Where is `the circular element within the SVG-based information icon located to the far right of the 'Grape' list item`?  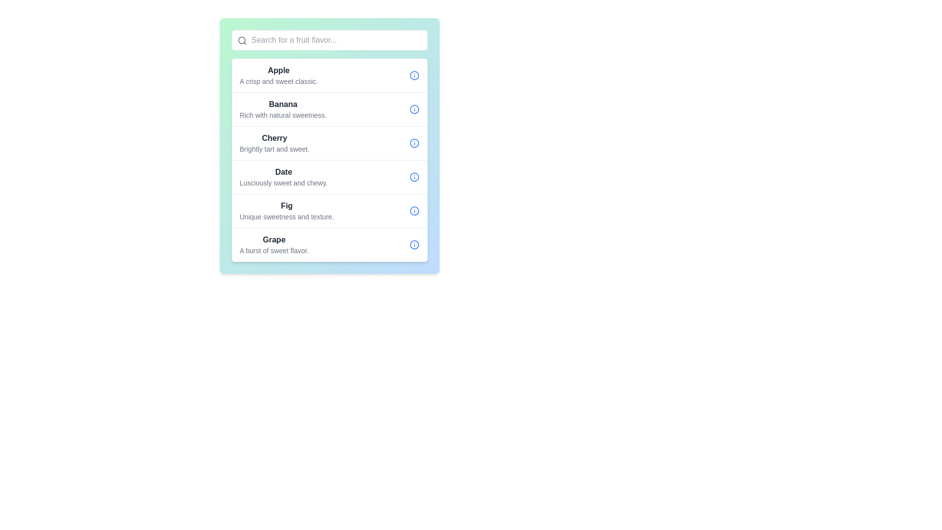
the circular element within the SVG-based information icon located to the far right of the 'Grape' list item is located at coordinates (414, 244).